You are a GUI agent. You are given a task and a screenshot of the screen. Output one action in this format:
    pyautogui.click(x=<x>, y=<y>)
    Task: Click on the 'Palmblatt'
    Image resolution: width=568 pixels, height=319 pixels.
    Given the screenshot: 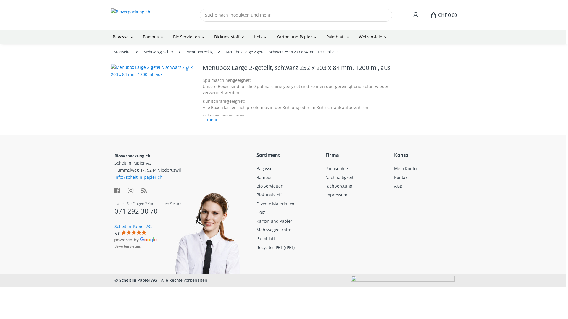 What is the action you would take?
    pyautogui.click(x=265, y=238)
    